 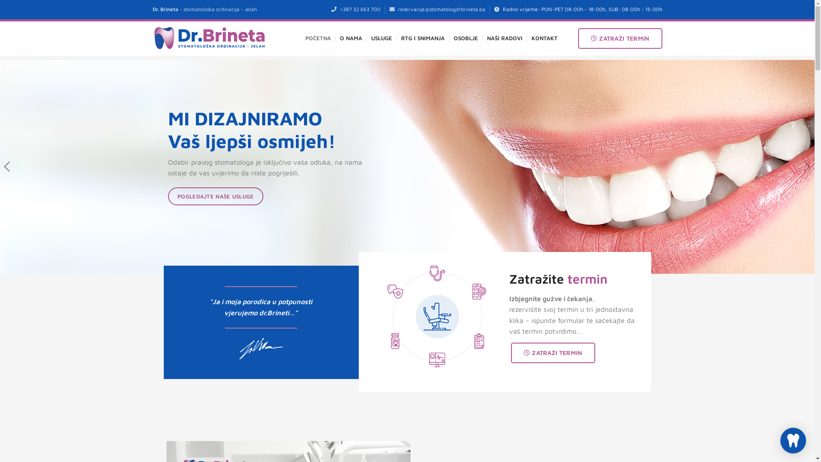 I want to click on 'O NAMA', so click(x=303, y=349).